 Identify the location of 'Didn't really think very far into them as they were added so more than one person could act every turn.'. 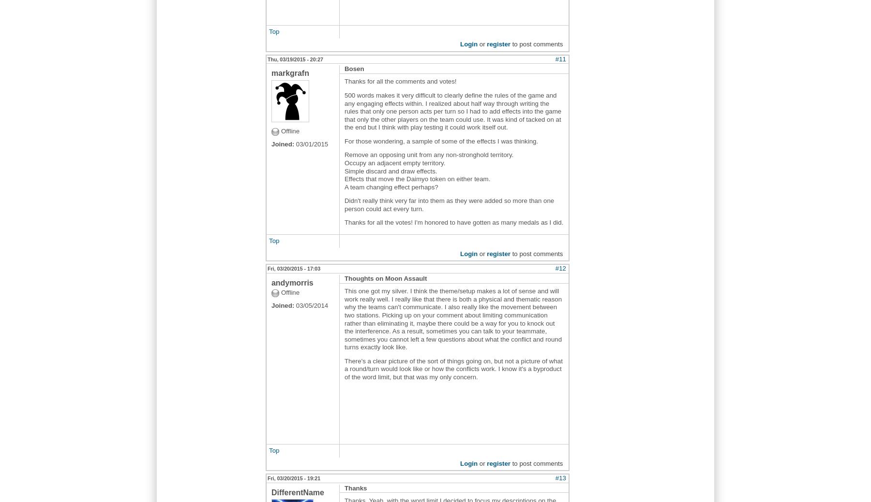
(449, 204).